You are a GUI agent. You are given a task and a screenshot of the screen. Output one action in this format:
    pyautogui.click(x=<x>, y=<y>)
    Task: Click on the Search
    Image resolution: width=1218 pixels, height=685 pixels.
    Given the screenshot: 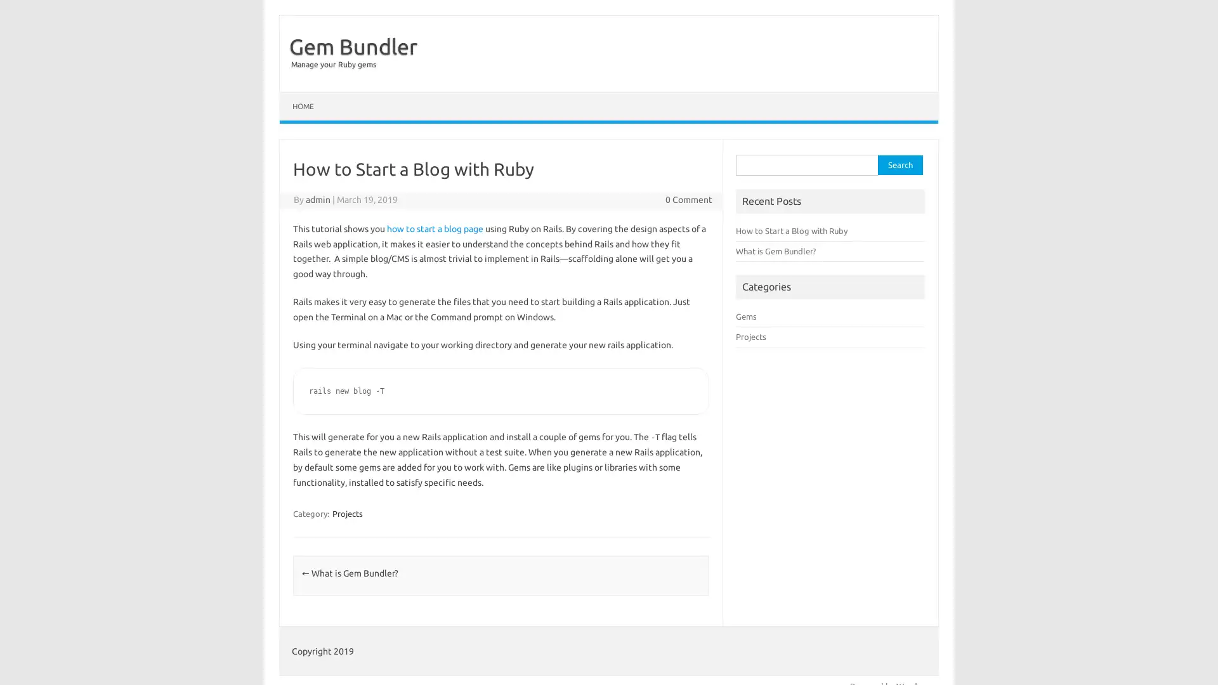 What is the action you would take?
    pyautogui.click(x=900, y=164)
    